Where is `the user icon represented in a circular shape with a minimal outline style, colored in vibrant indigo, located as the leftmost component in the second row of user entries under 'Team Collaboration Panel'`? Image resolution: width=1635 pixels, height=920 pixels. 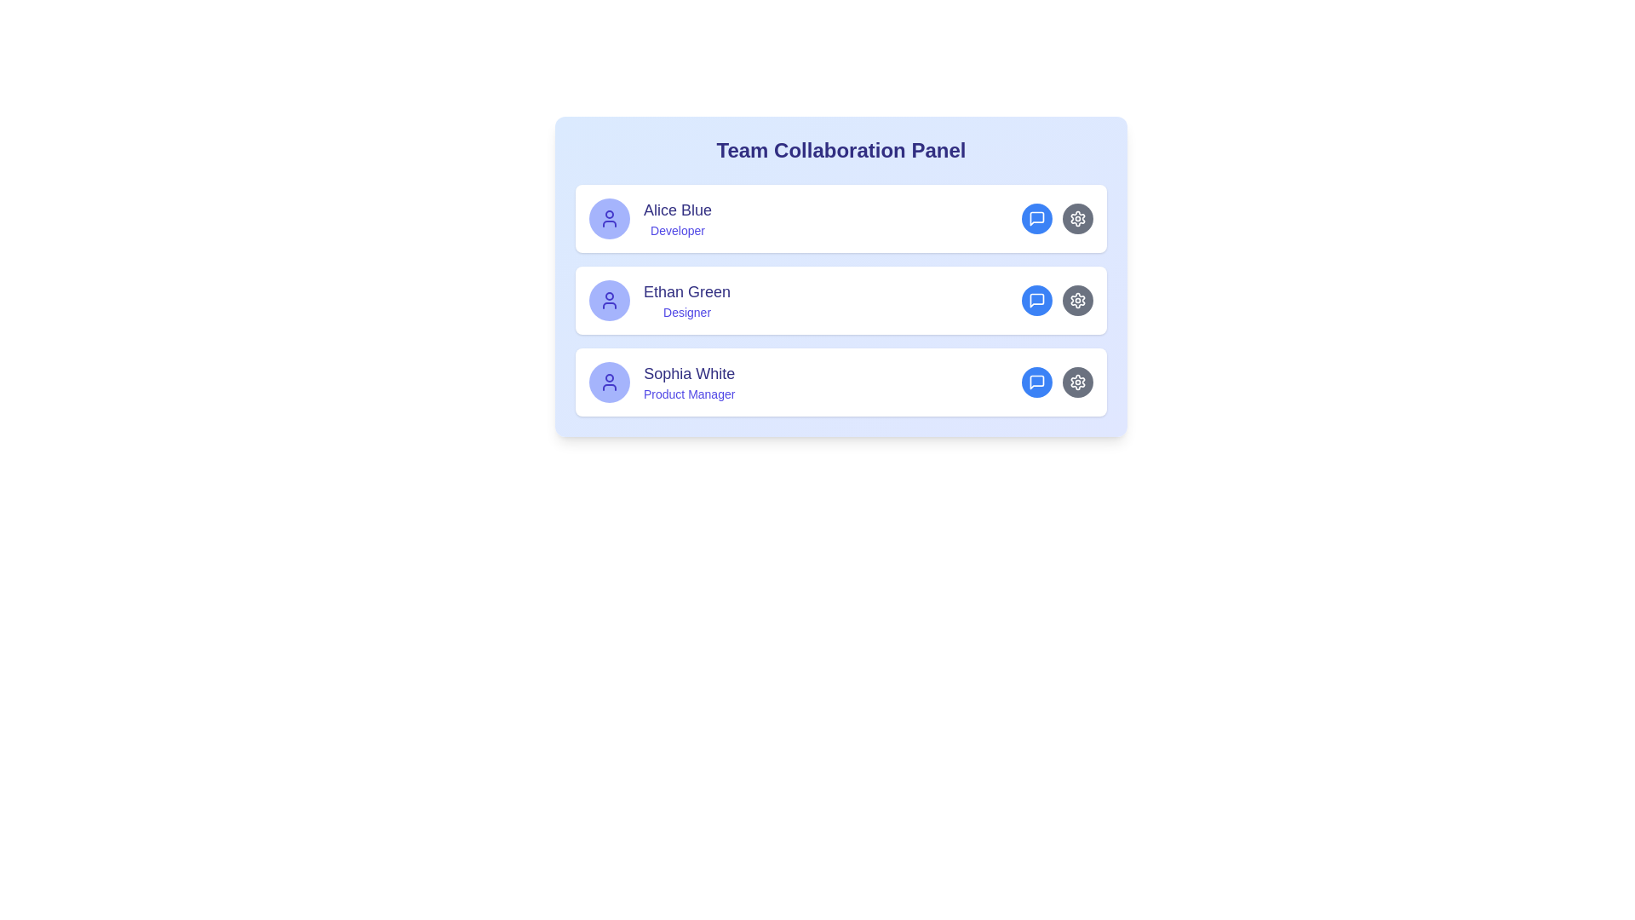 the user icon represented in a circular shape with a minimal outline style, colored in vibrant indigo, located as the leftmost component in the second row of user entries under 'Team Collaboration Panel' is located at coordinates (609, 300).